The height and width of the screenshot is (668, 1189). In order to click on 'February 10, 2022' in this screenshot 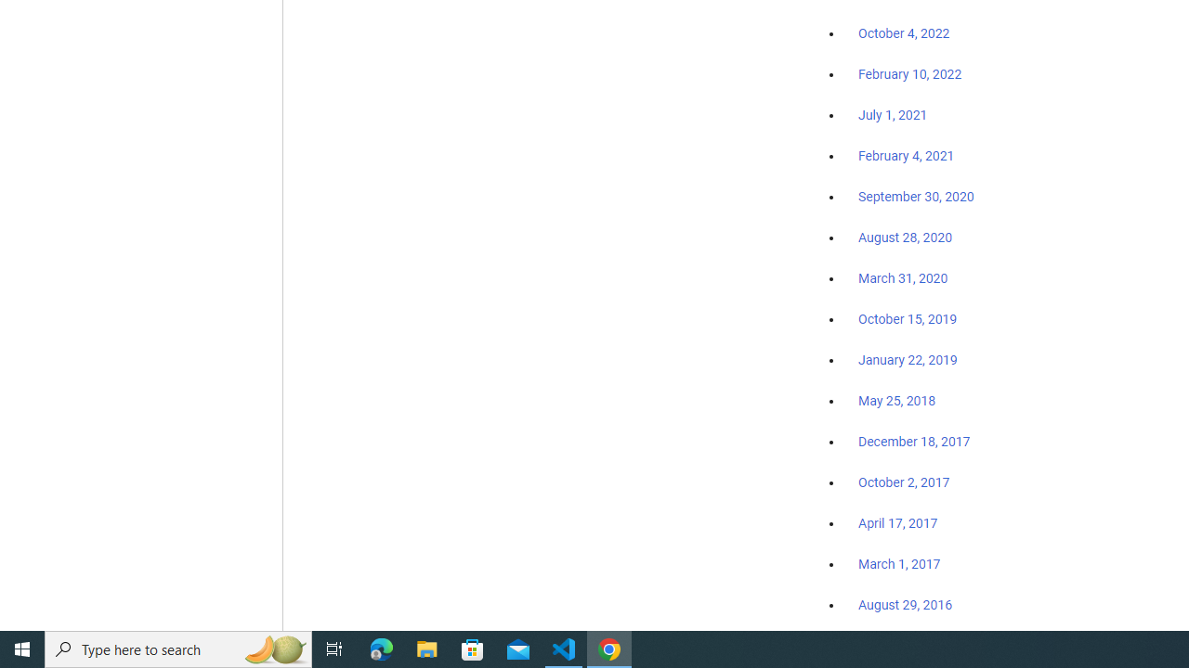, I will do `click(909, 74)`.